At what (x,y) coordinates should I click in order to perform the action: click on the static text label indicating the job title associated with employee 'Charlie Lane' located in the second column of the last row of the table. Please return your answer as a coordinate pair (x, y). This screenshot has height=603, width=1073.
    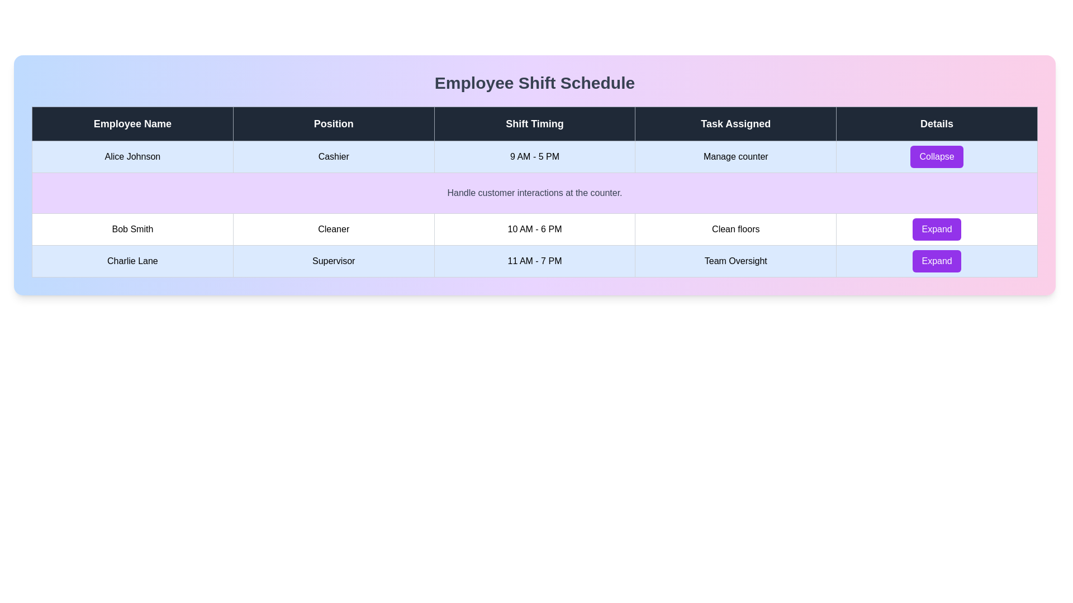
    Looking at the image, I should click on (333, 261).